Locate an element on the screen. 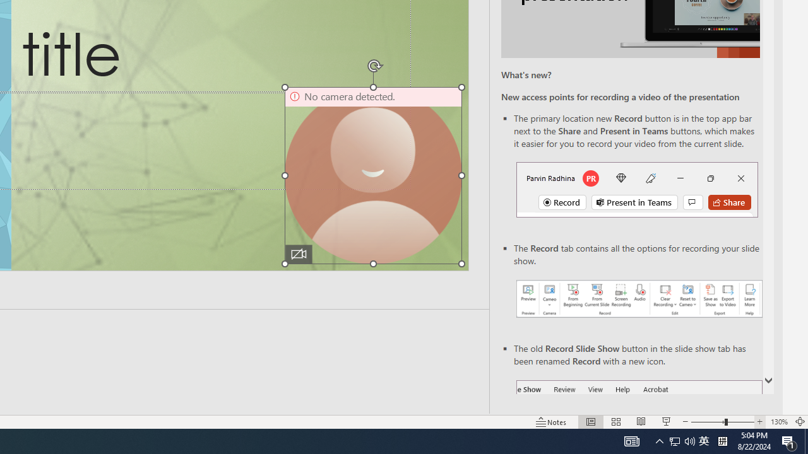 This screenshot has width=808, height=454. 'Record your presentations screenshot one' is located at coordinates (639, 299).